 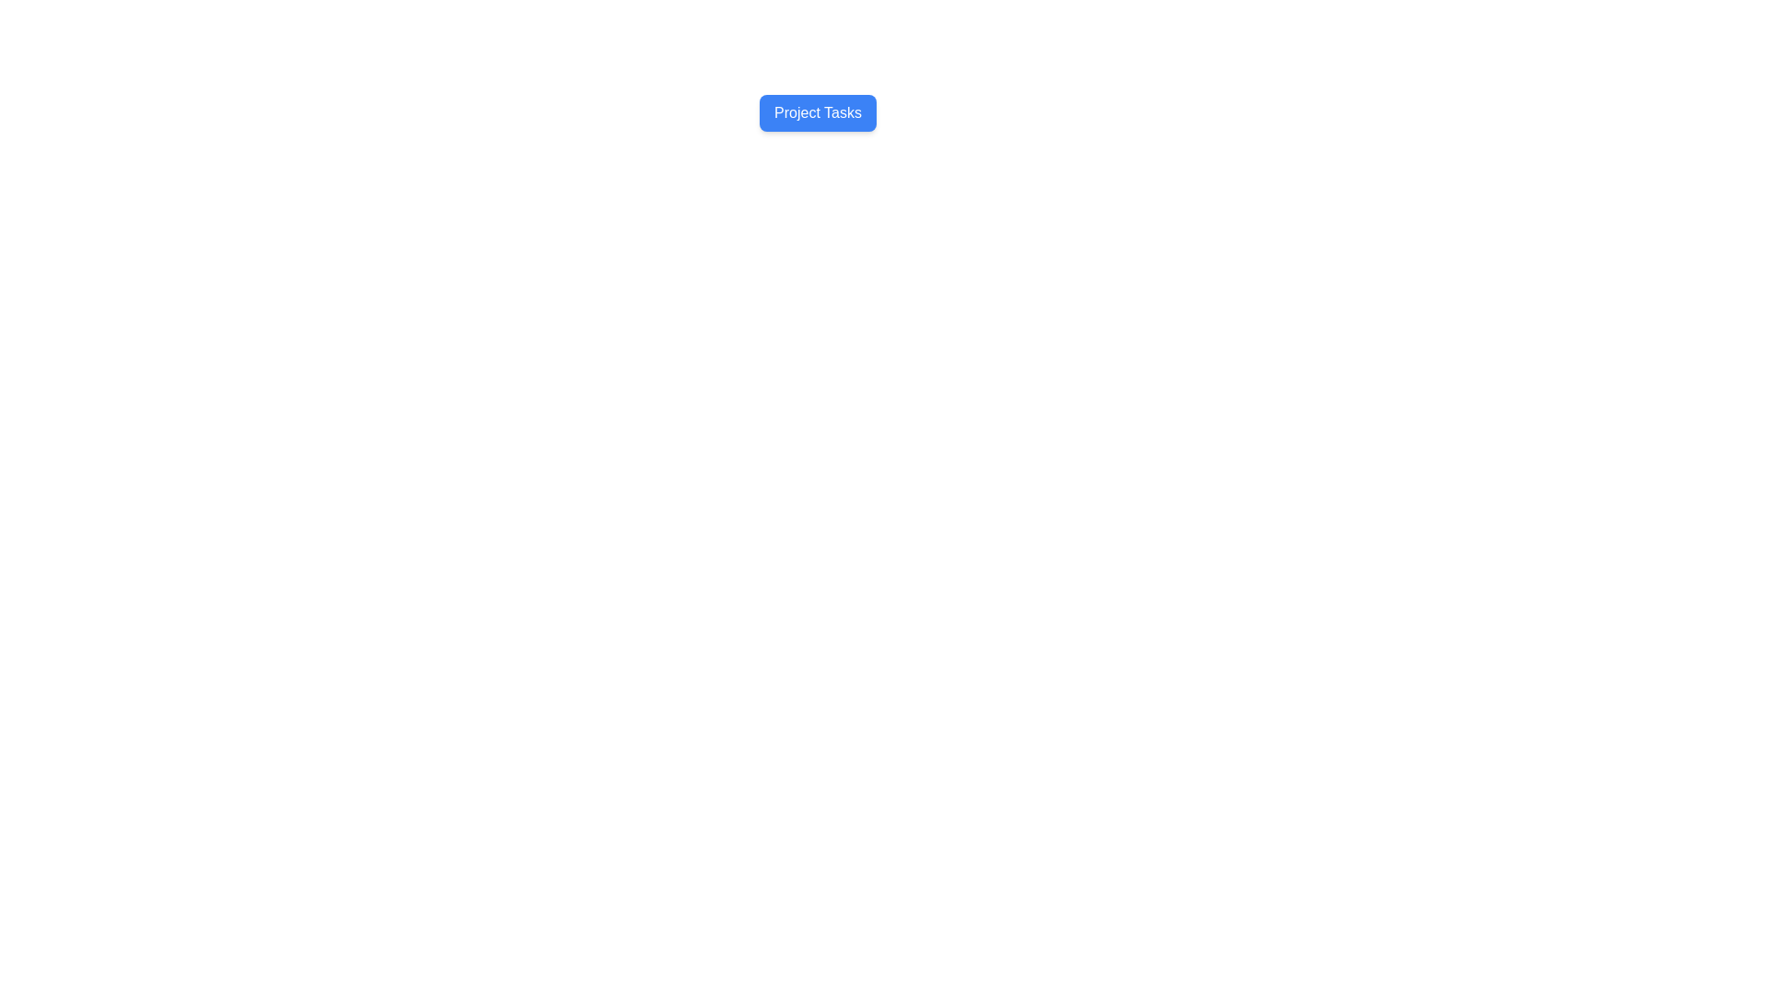 I want to click on the 'Project Tasks' button, so click(x=817, y=113).